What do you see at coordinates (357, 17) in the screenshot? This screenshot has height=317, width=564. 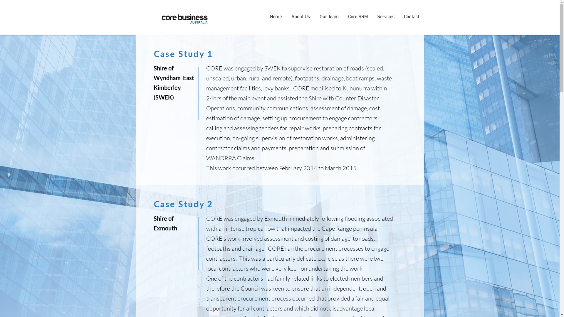 I see `'Core SRM'` at bounding box center [357, 17].